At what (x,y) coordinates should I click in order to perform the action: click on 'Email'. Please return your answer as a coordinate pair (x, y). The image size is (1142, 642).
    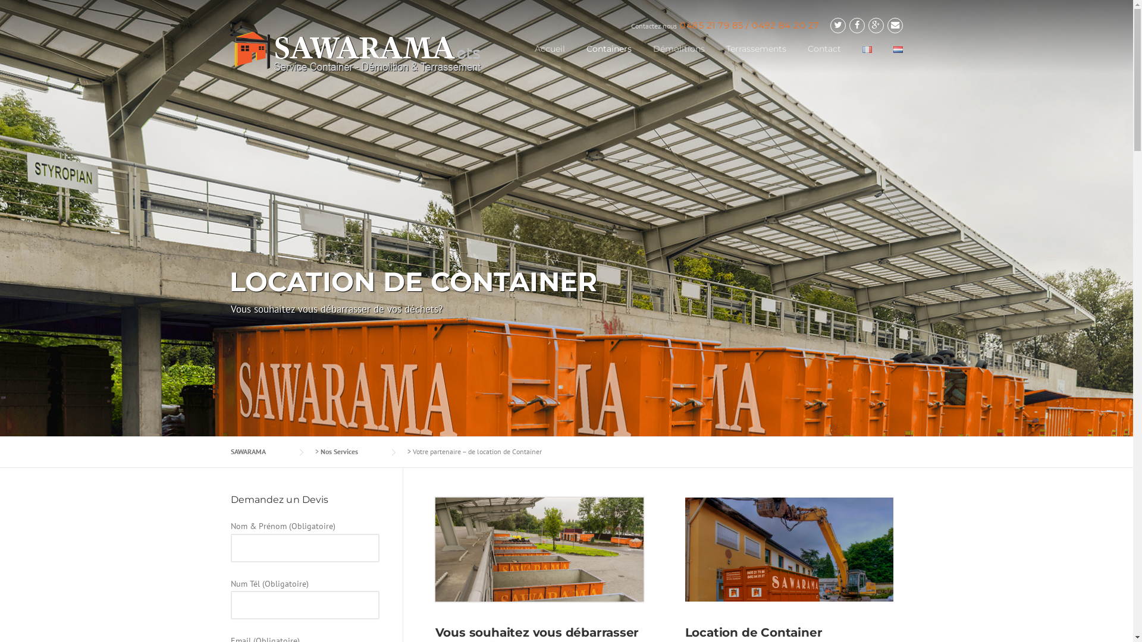
    Looking at the image, I should click on (895, 25).